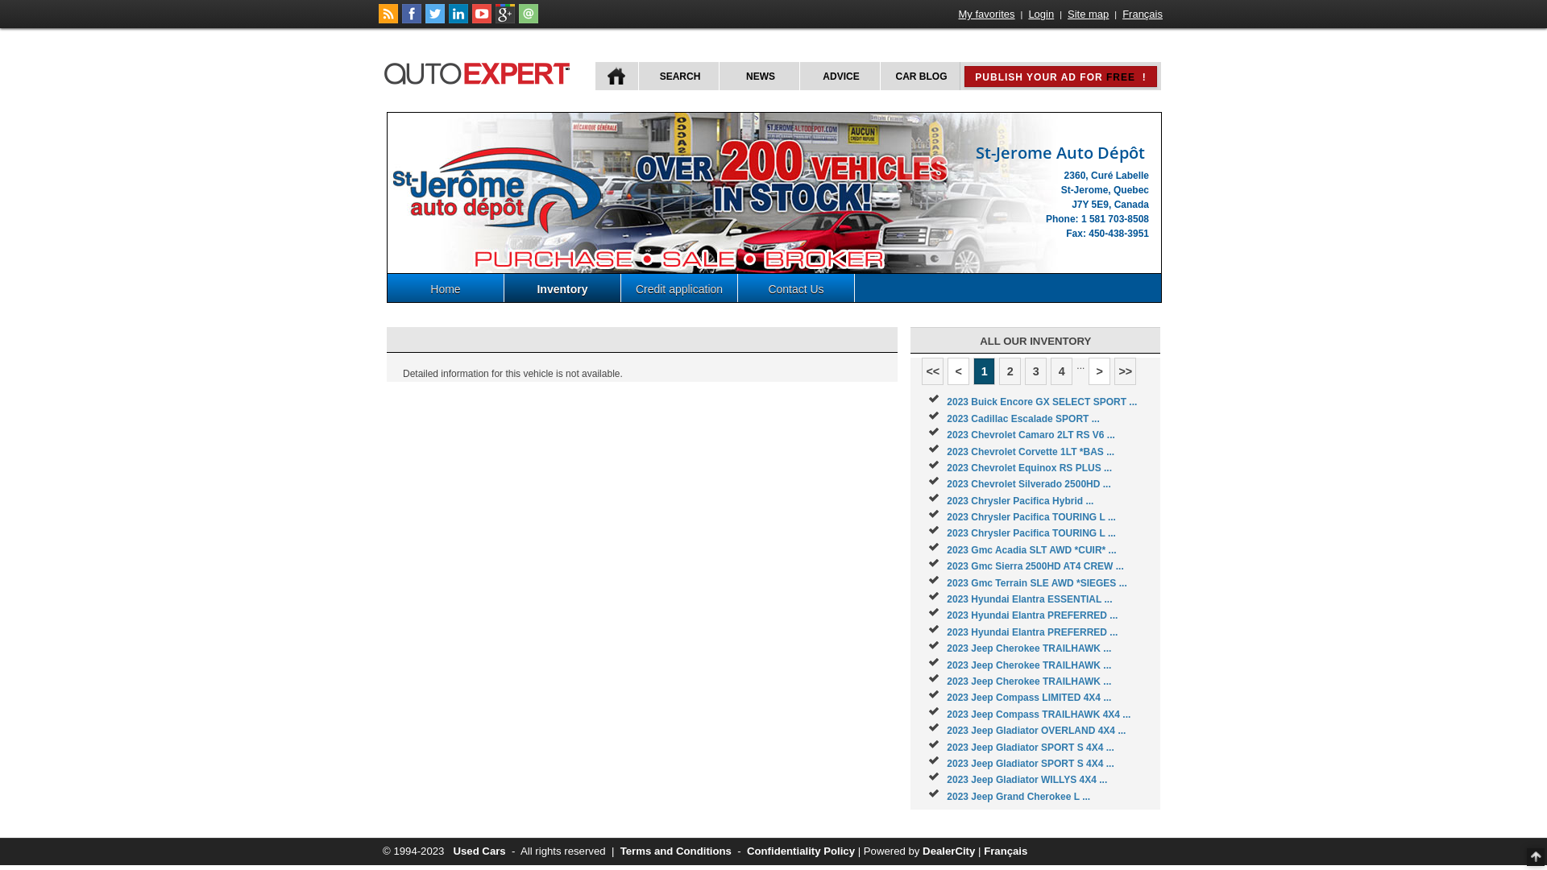  What do you see at coordinates (1027, 665) in the screenshot?
I see `'2023 Jeep Cherokee TRAILHAWK ...'` at bounding box center [1027, 665].